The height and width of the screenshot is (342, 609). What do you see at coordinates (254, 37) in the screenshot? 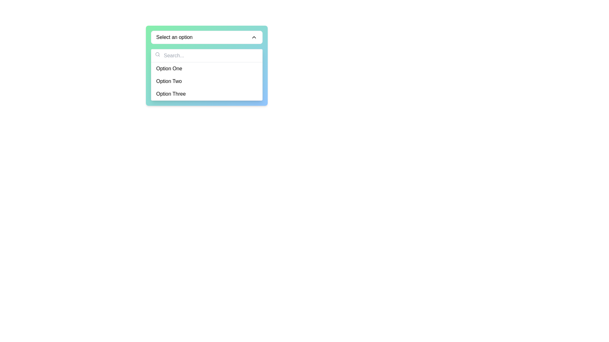
I see `the chevron icon at the rightmost end of the 'Select an option' dropdown header` at bounding box center [254, 37].